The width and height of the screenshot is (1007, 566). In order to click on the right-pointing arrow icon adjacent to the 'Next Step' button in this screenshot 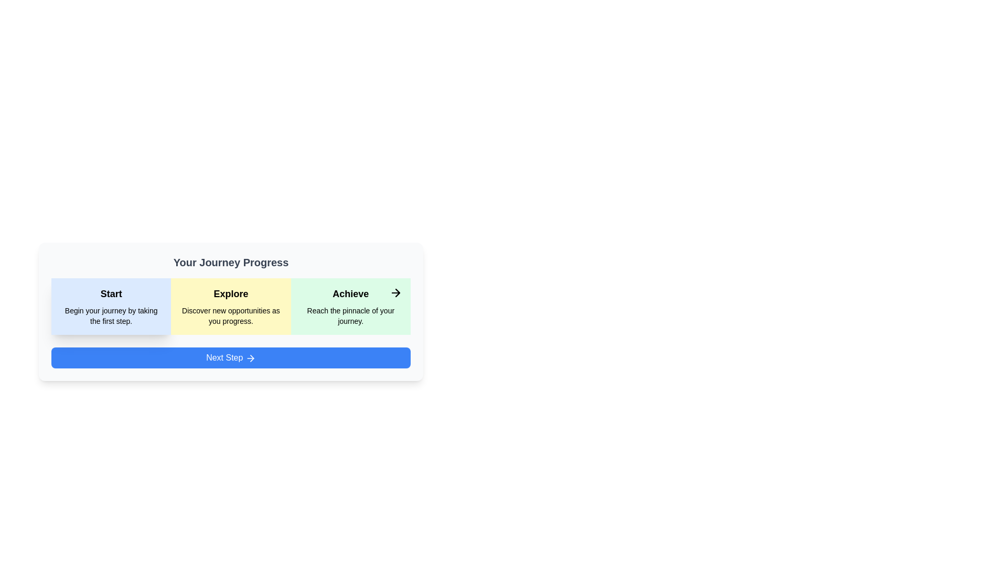, I will do `click(252, 357)`.